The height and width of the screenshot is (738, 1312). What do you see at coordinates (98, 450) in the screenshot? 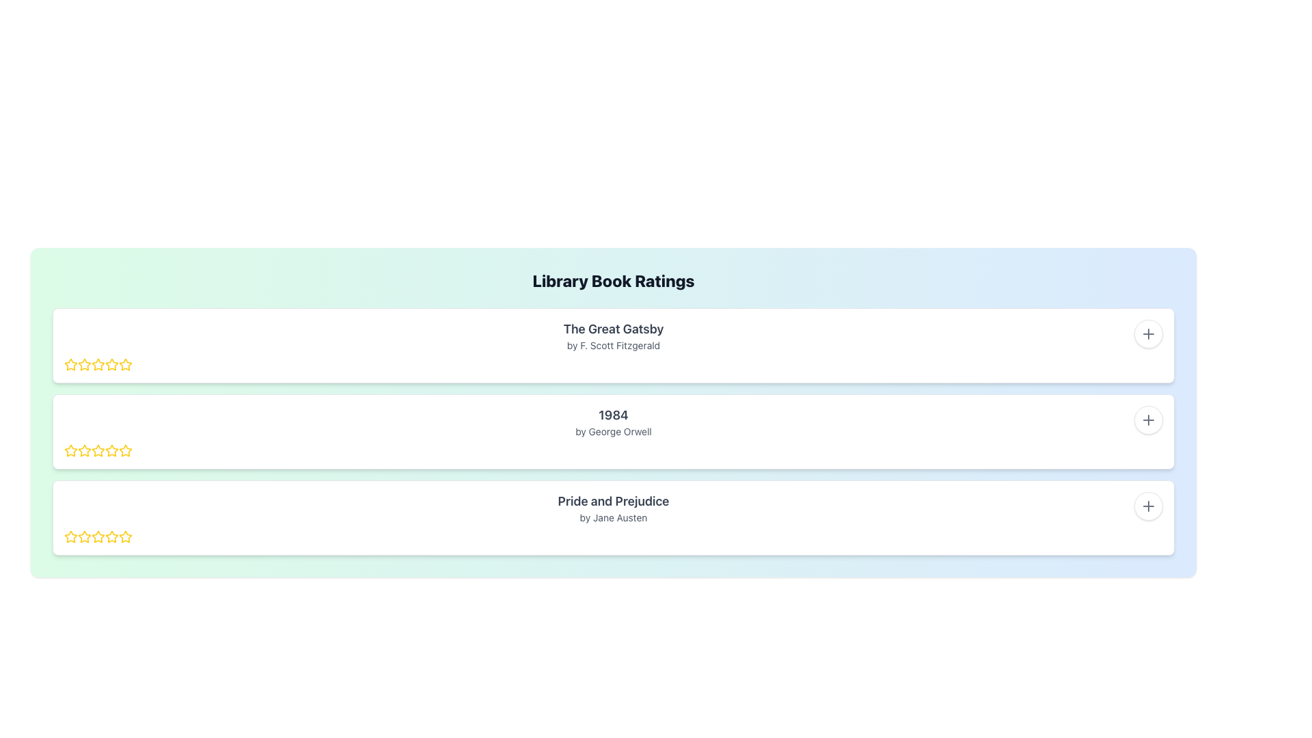
I see `the fifth star icon in the rating system for the '1984' book entry to receive interaction feedback` at bounding box center [98, 450].